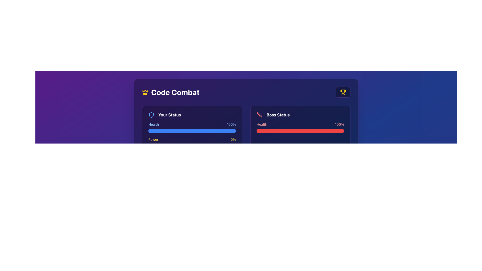 This screenshot has height=271, width=482. I want to click on the trophy icon with a golden yellow outline located in the top-right corner of the UI group with a semi-transparent black background, so click(343, 92).